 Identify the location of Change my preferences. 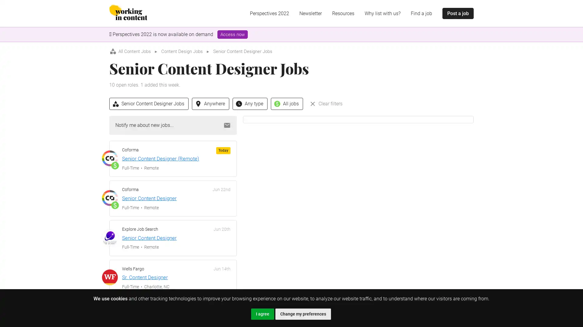
(303, 314).